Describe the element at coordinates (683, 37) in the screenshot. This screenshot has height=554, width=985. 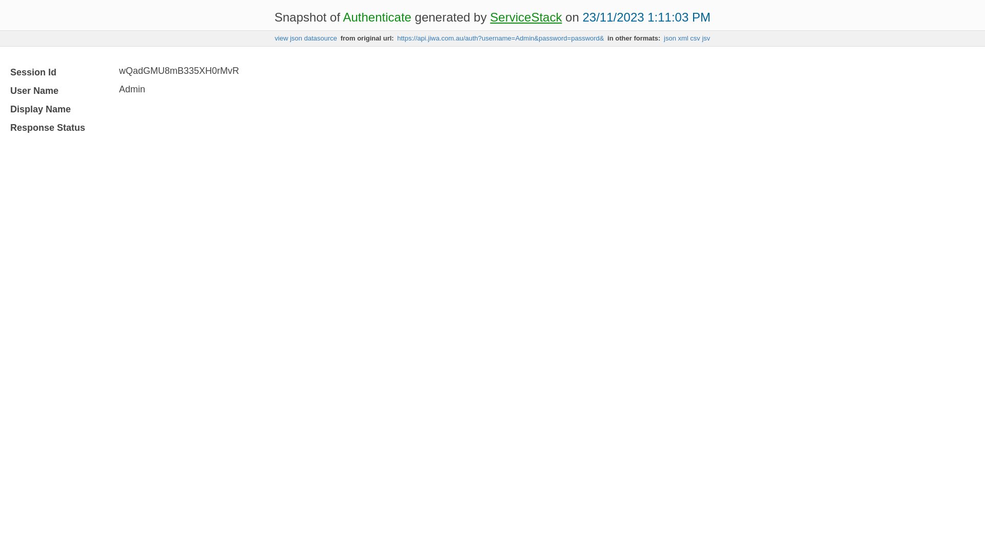
I see `'xml'` at that location.